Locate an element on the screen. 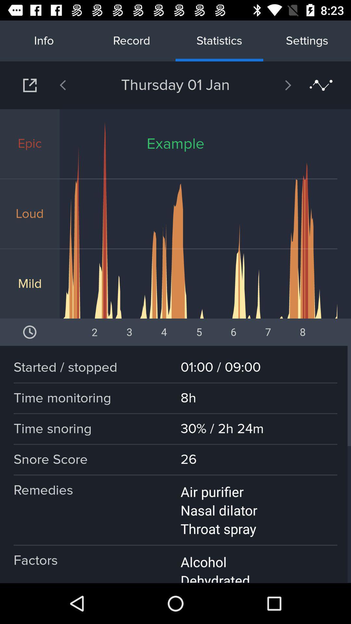 The image size is (351, 624). the launch icon is located at coordinates (30, 85).